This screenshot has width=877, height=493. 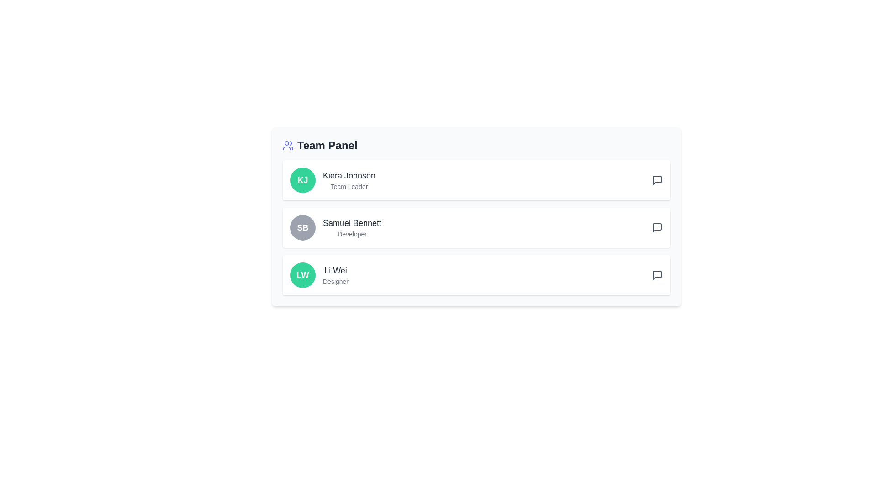 What do you see at coordinates (335, 274) in the screenshot?
I see `the Text Label displaying 'Li Wei' and 'Designer' in the third row of the 'Team Panel' list, located to the right of the avatar 'LW'` at bounding box center [335, 274].